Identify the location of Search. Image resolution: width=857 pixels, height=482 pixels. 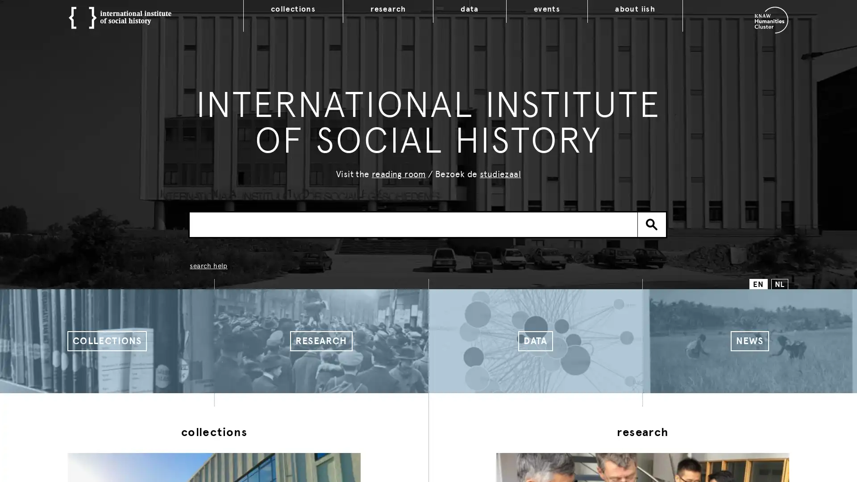
(652, 224).